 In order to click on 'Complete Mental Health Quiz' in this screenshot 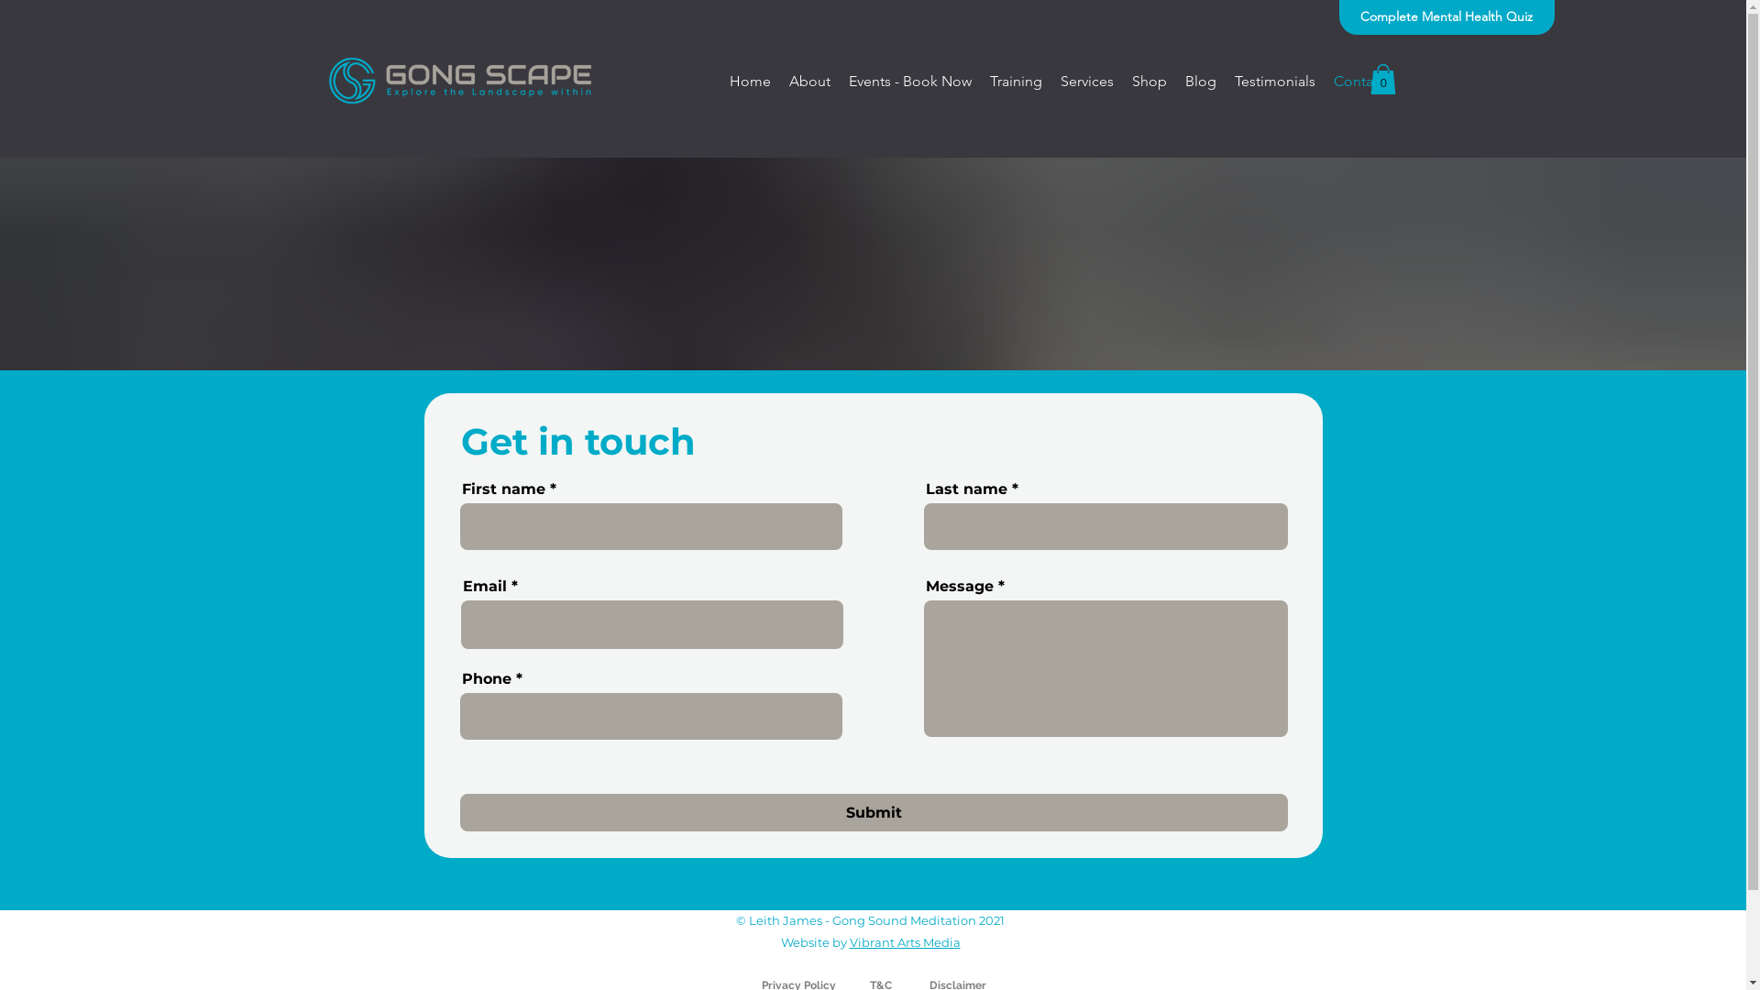, I will do `click(1445, 17)`.